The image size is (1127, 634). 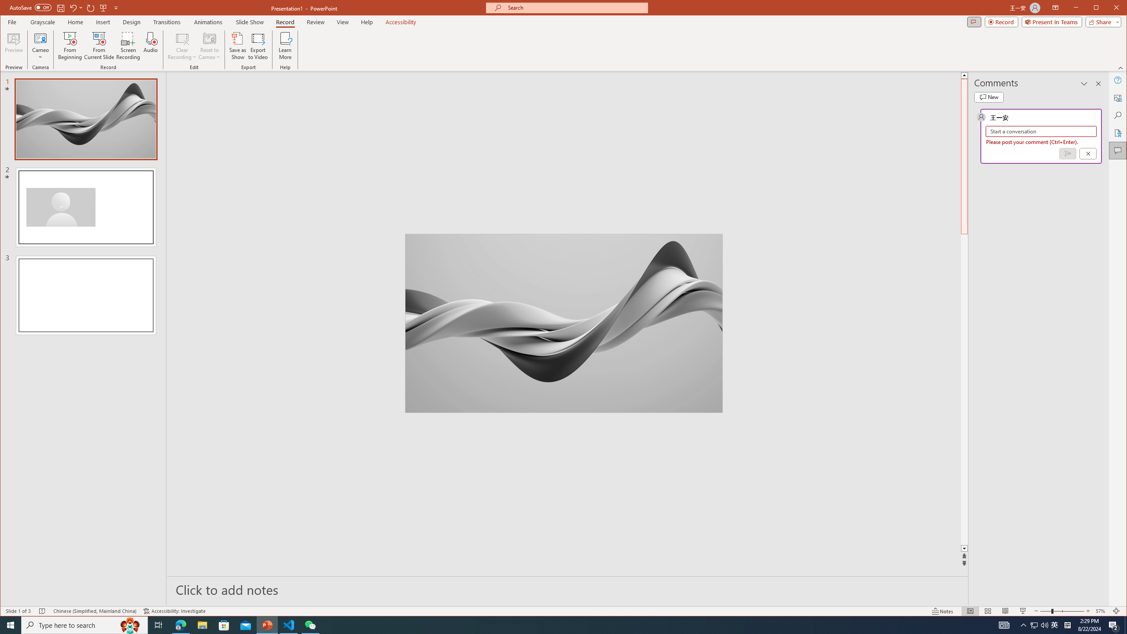 I want to click on 'From Beginning...', so click(x=70, y=45).